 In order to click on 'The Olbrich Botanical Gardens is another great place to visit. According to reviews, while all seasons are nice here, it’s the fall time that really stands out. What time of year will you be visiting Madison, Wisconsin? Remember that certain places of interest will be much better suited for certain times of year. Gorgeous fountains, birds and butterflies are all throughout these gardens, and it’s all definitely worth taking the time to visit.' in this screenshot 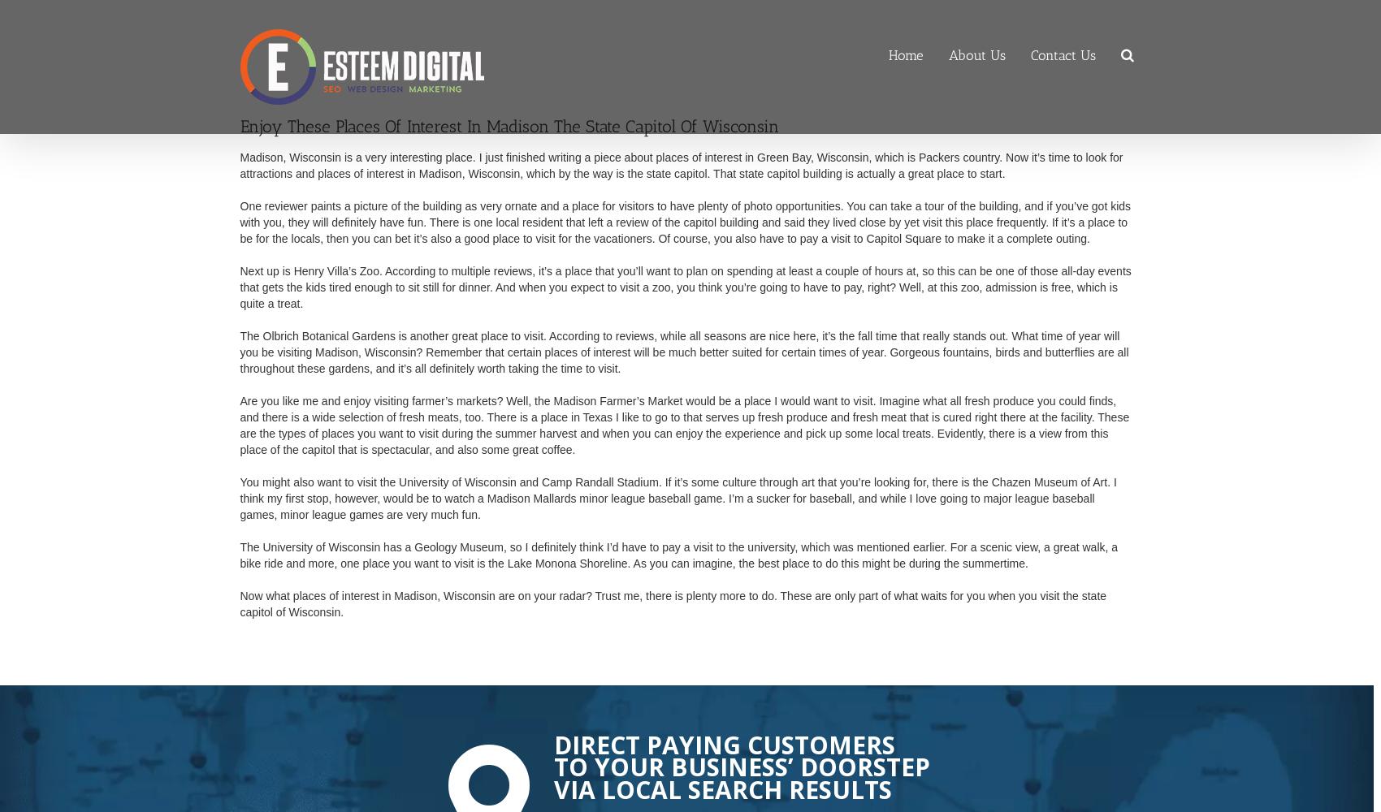, I will do `click(683, 352)`.